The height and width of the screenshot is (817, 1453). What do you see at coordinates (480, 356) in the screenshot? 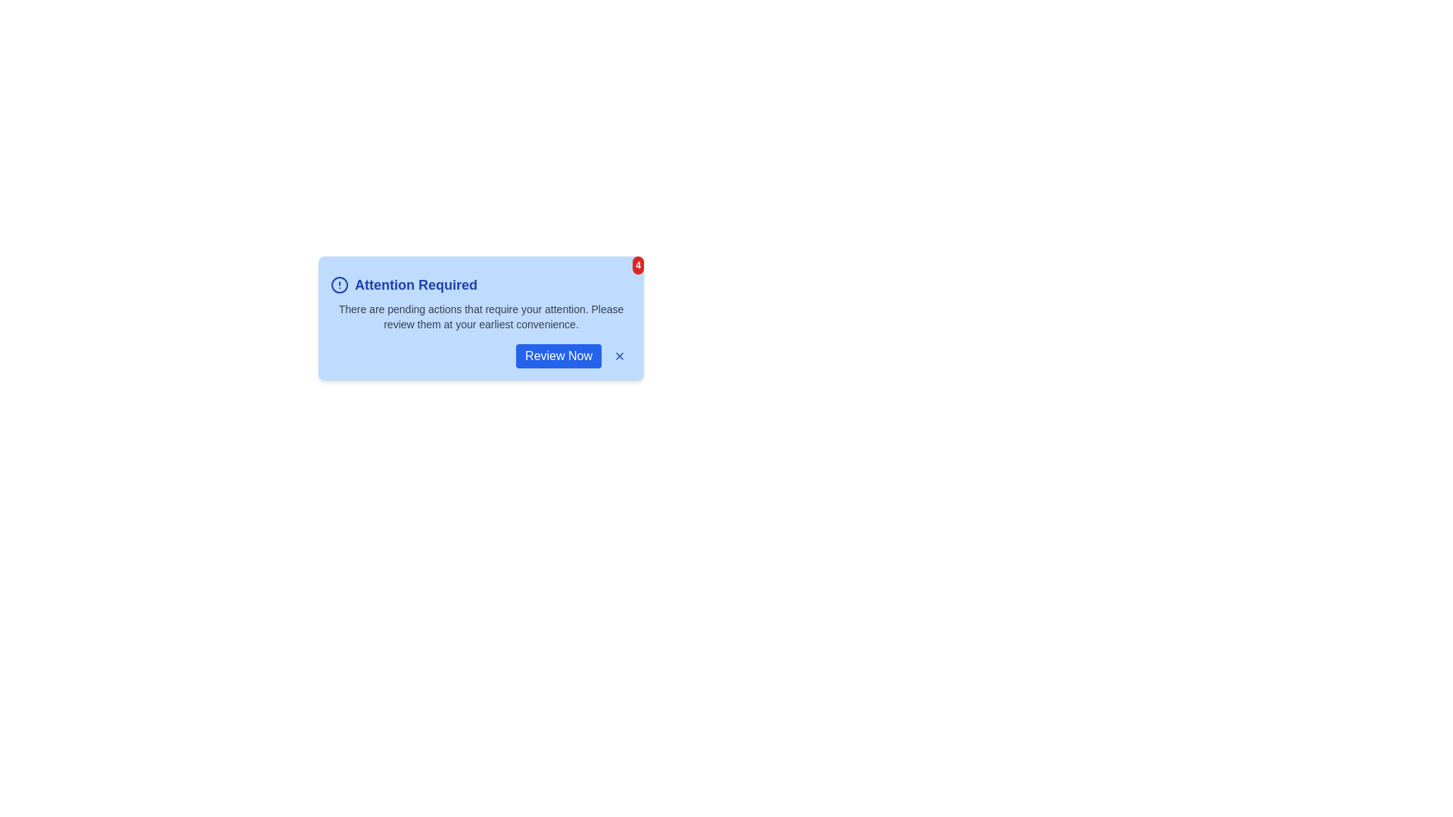
I see `the 'Review Now' blue button located in the bottom-right portion of the blue notification card, which has rounded corners and contains a title and description above the button` at bounding box center [480, 356].